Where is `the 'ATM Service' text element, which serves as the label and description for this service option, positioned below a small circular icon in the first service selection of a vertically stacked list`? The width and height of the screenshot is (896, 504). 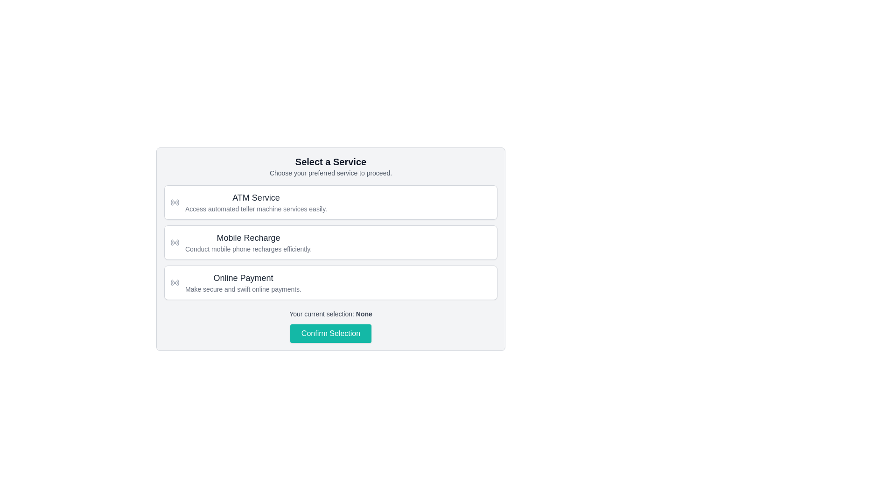
the 'ATM Service' text element, which serves as the label and description for this service option, positioned below a small circular icon in the first service selection of a vertically stacked list is located at coordinates (256, 202).